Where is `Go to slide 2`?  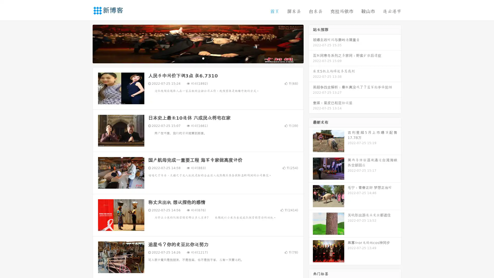
Go to slide 2 is located at coordinates (198, 58).